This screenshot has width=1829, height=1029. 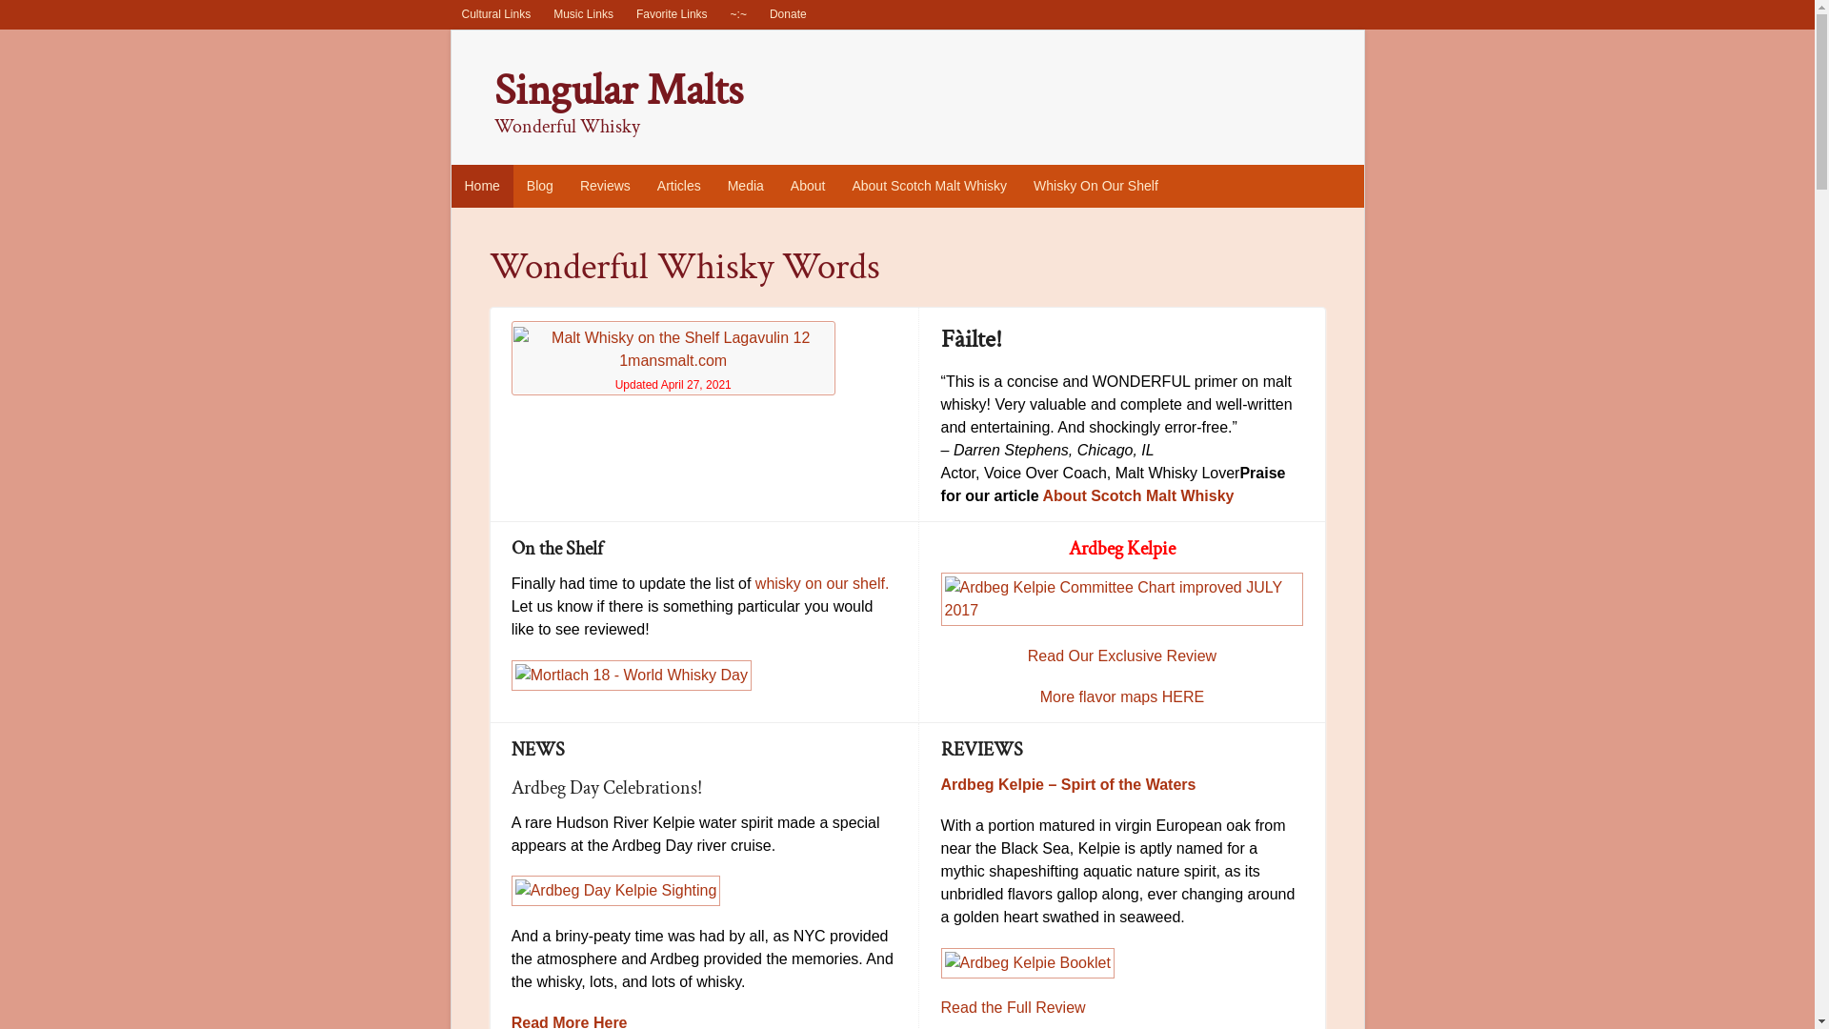 I want to click on 'Blog', so click(x=538, y=186).